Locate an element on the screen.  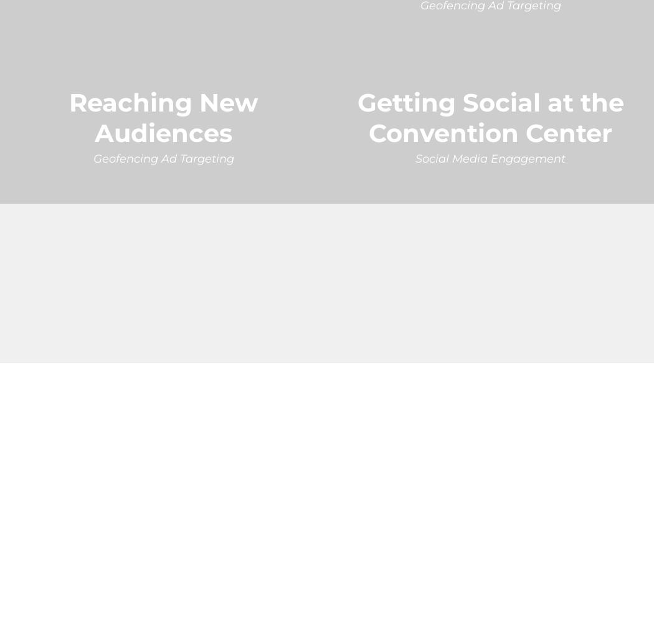
'18,615' is located at coordinates (51, 264).